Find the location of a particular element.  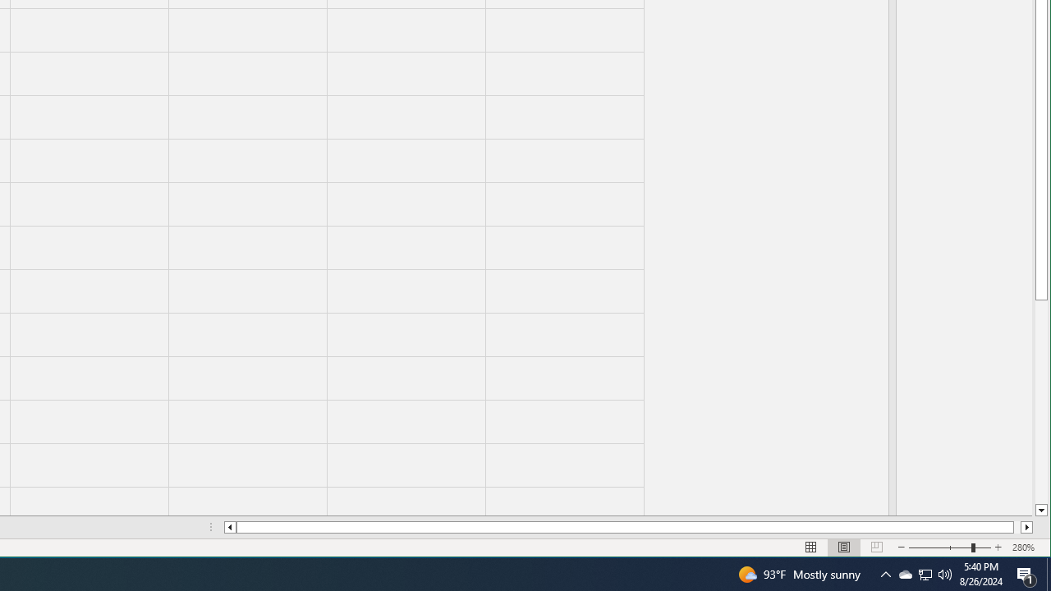

'Action Center, 1 new notification' is located at coordinates (1026, 573).